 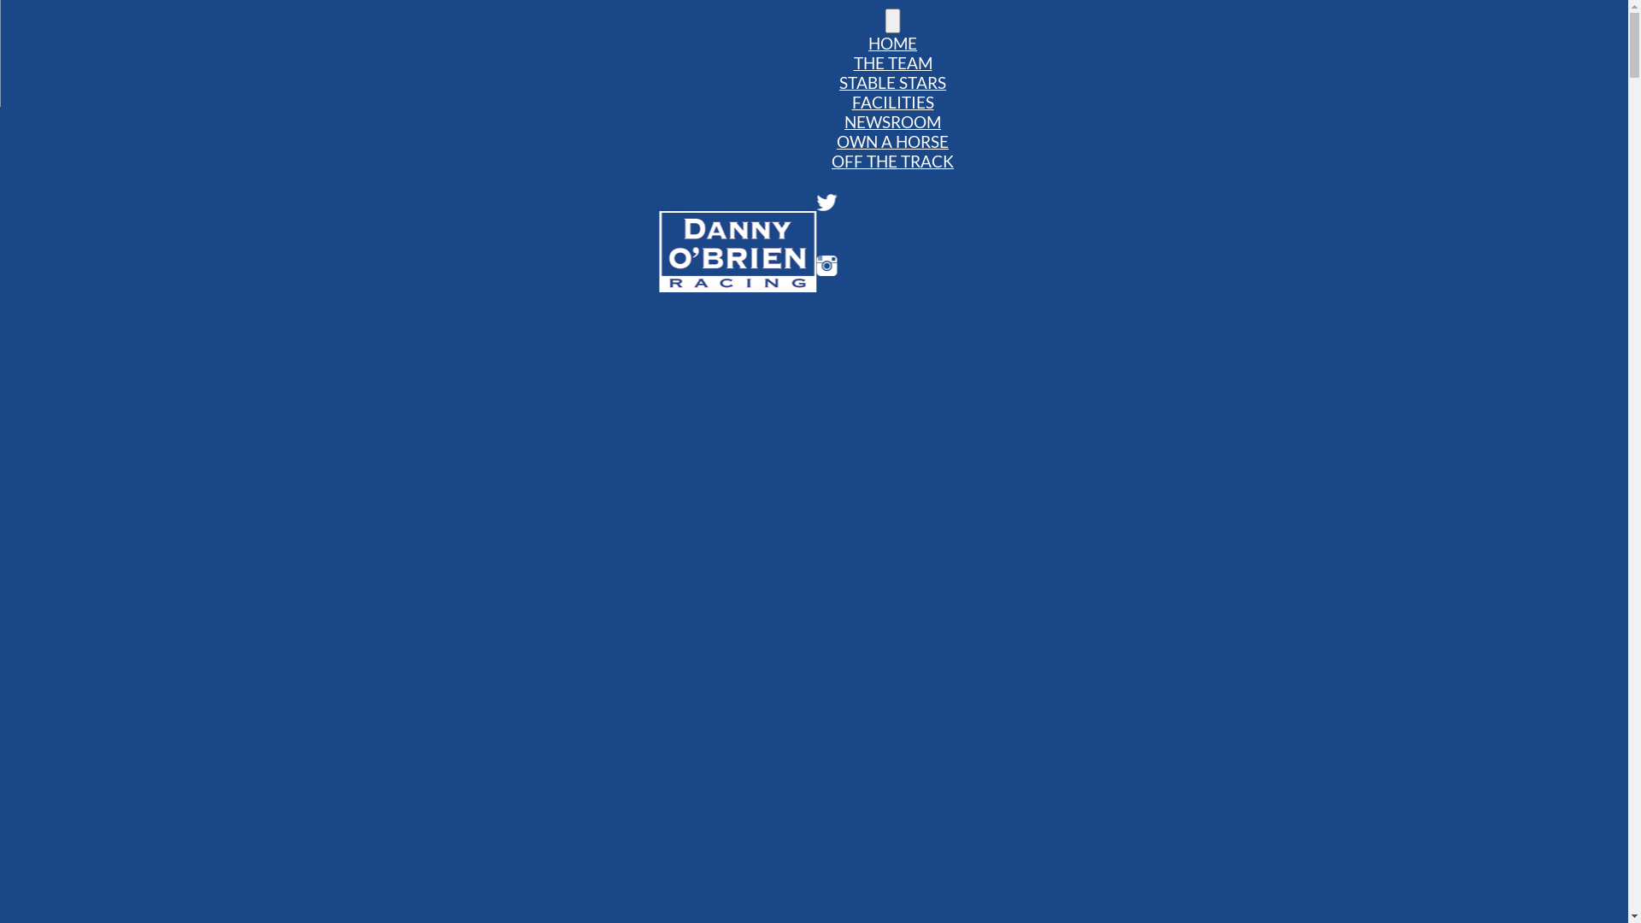 What do you see at coordinates (837, 121) in the screenshot?
I see `'NEWSROOM'` at bounding box center [837, 121].